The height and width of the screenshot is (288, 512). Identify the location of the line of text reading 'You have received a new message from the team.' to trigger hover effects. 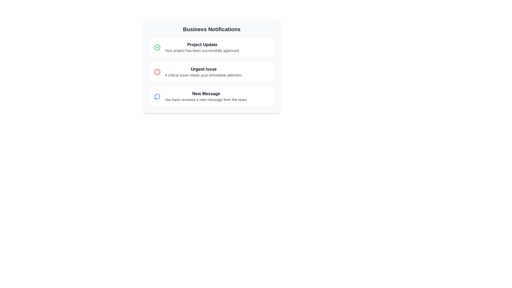
(206, 100).